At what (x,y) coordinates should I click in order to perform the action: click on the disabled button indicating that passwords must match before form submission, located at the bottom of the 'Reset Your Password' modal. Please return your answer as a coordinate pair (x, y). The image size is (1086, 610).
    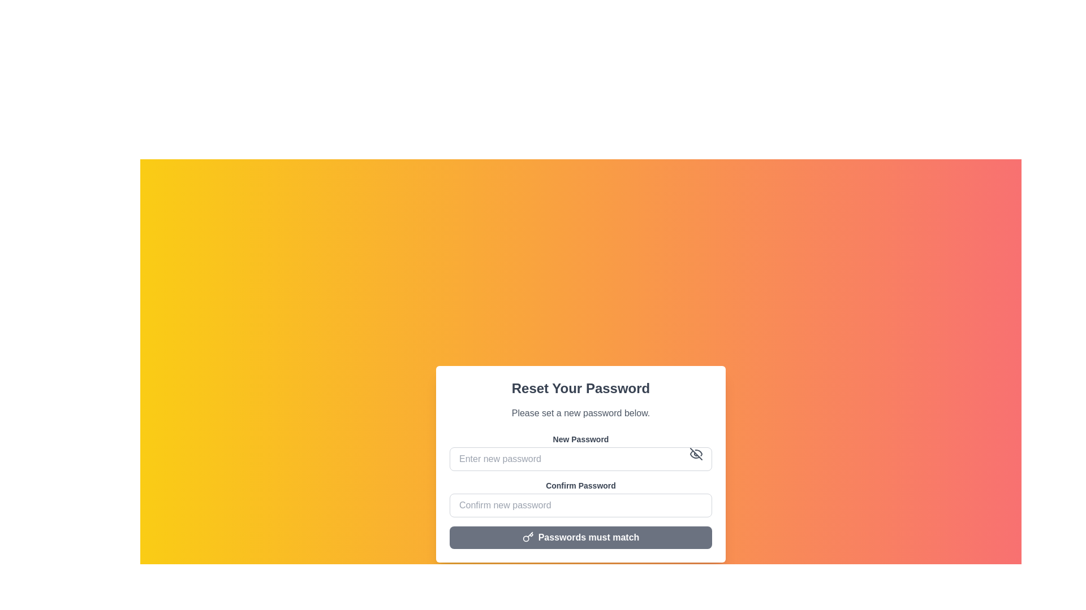
    Looking at the image, I should click on (581, 537).